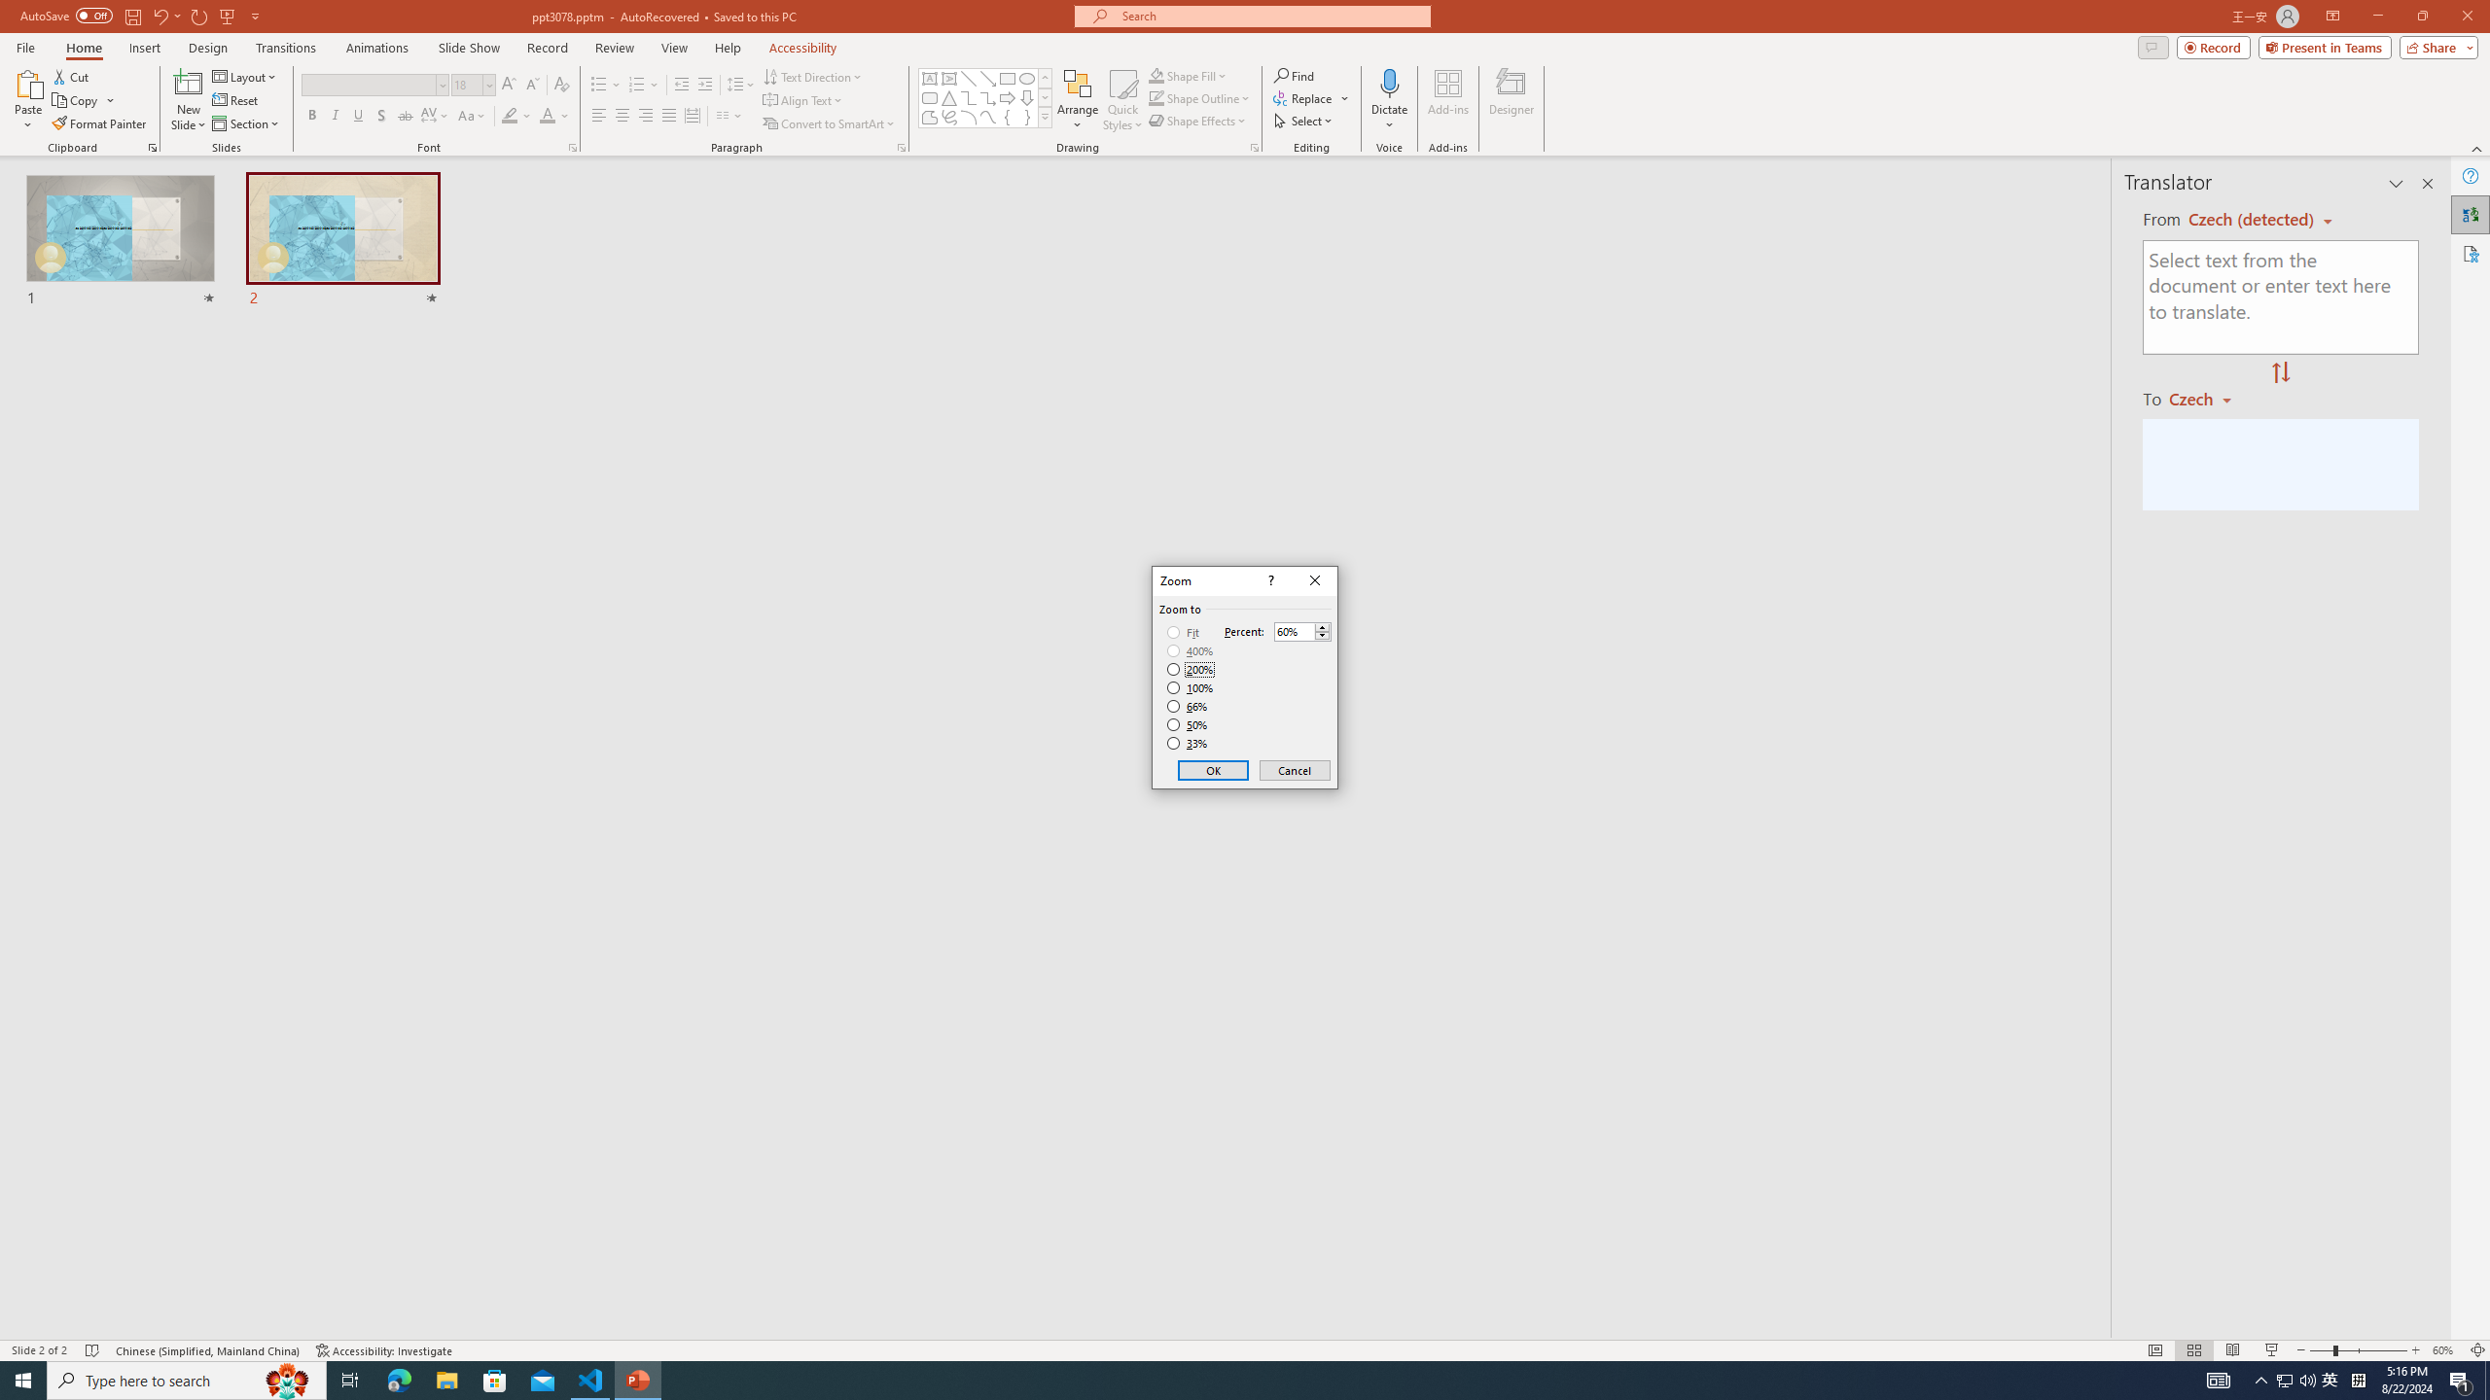 The width and height of the screenshot is (2490, 1400). Describe the element at coordinates (1156, 96) in the screenshot. I see `'Shape Outline Green, Accent 1'` at that location.